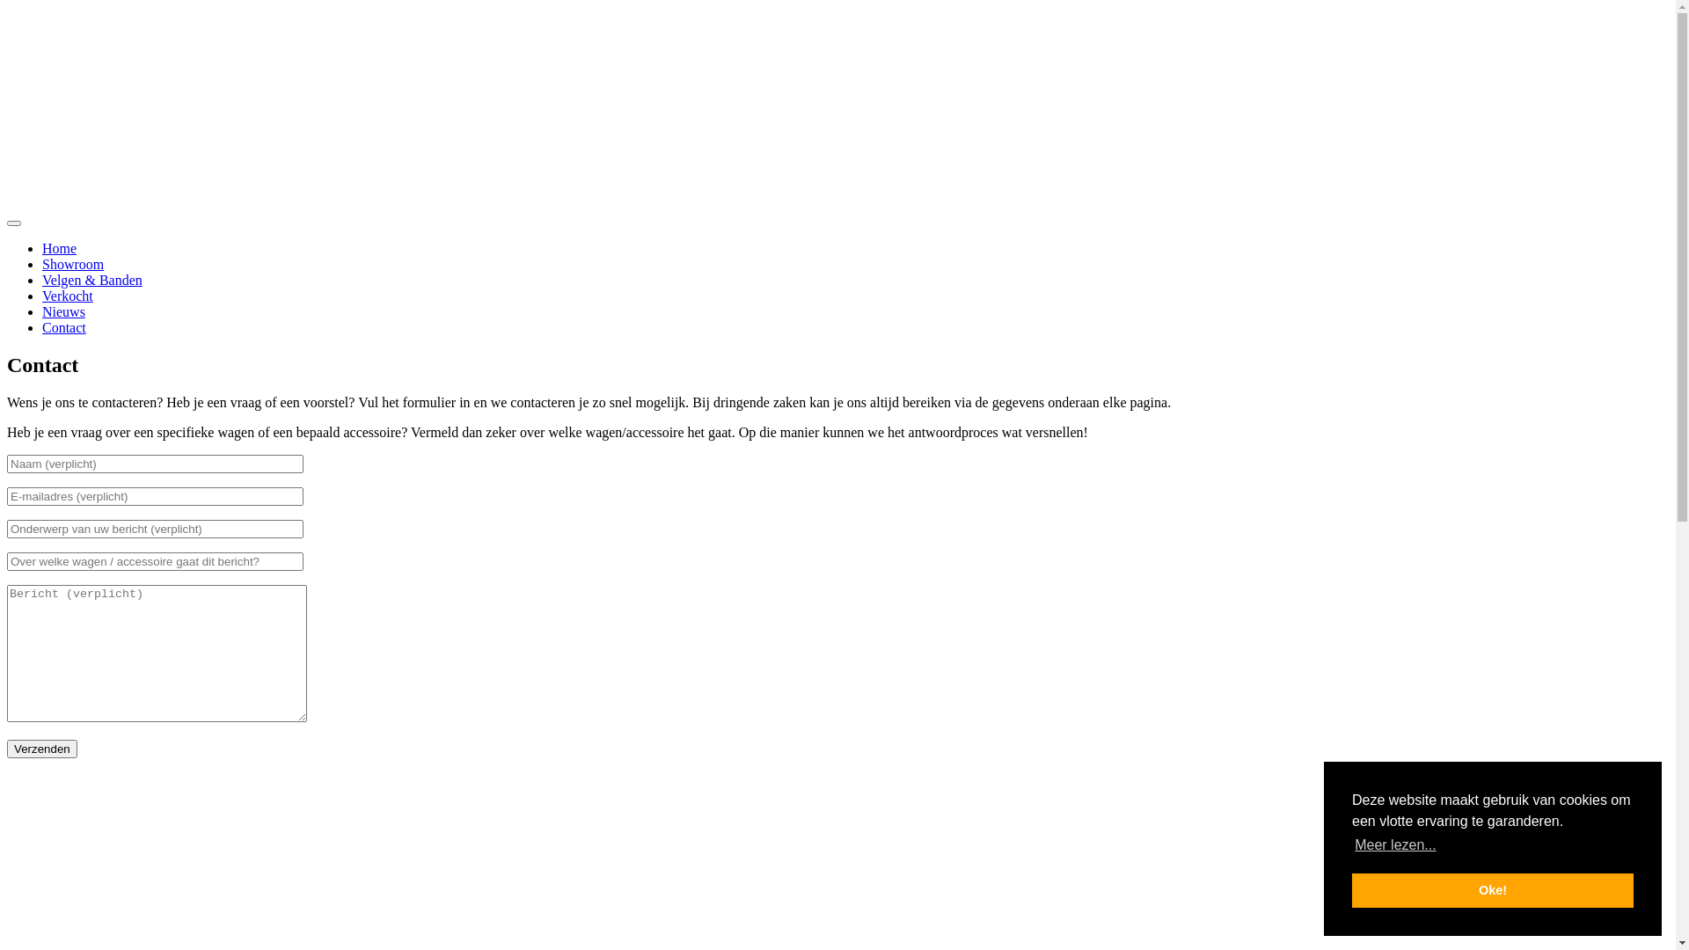  What do you see at coordinates (71, 264) in the screenshot?
I see `'Showroom'` at bounding box center [71, 264].